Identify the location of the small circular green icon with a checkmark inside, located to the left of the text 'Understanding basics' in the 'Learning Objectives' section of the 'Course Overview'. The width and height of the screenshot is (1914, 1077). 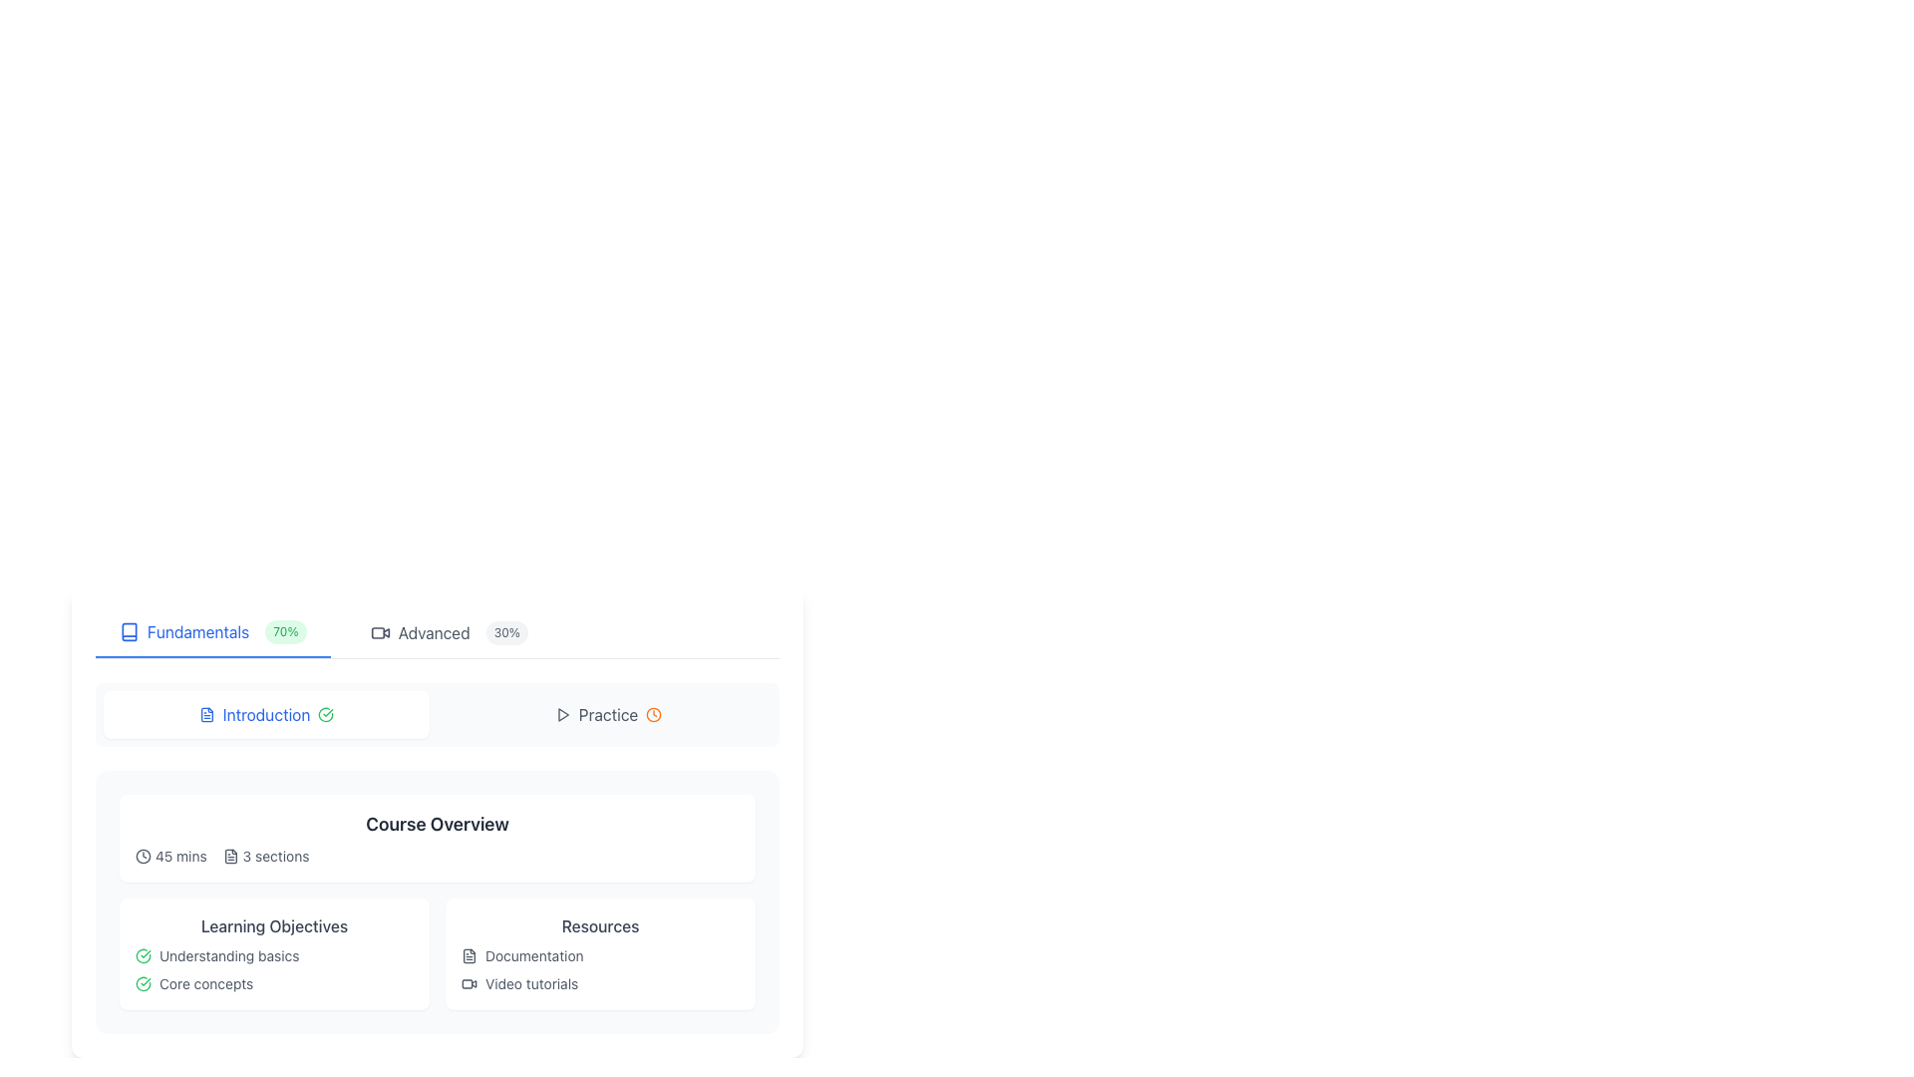
(143, 955).